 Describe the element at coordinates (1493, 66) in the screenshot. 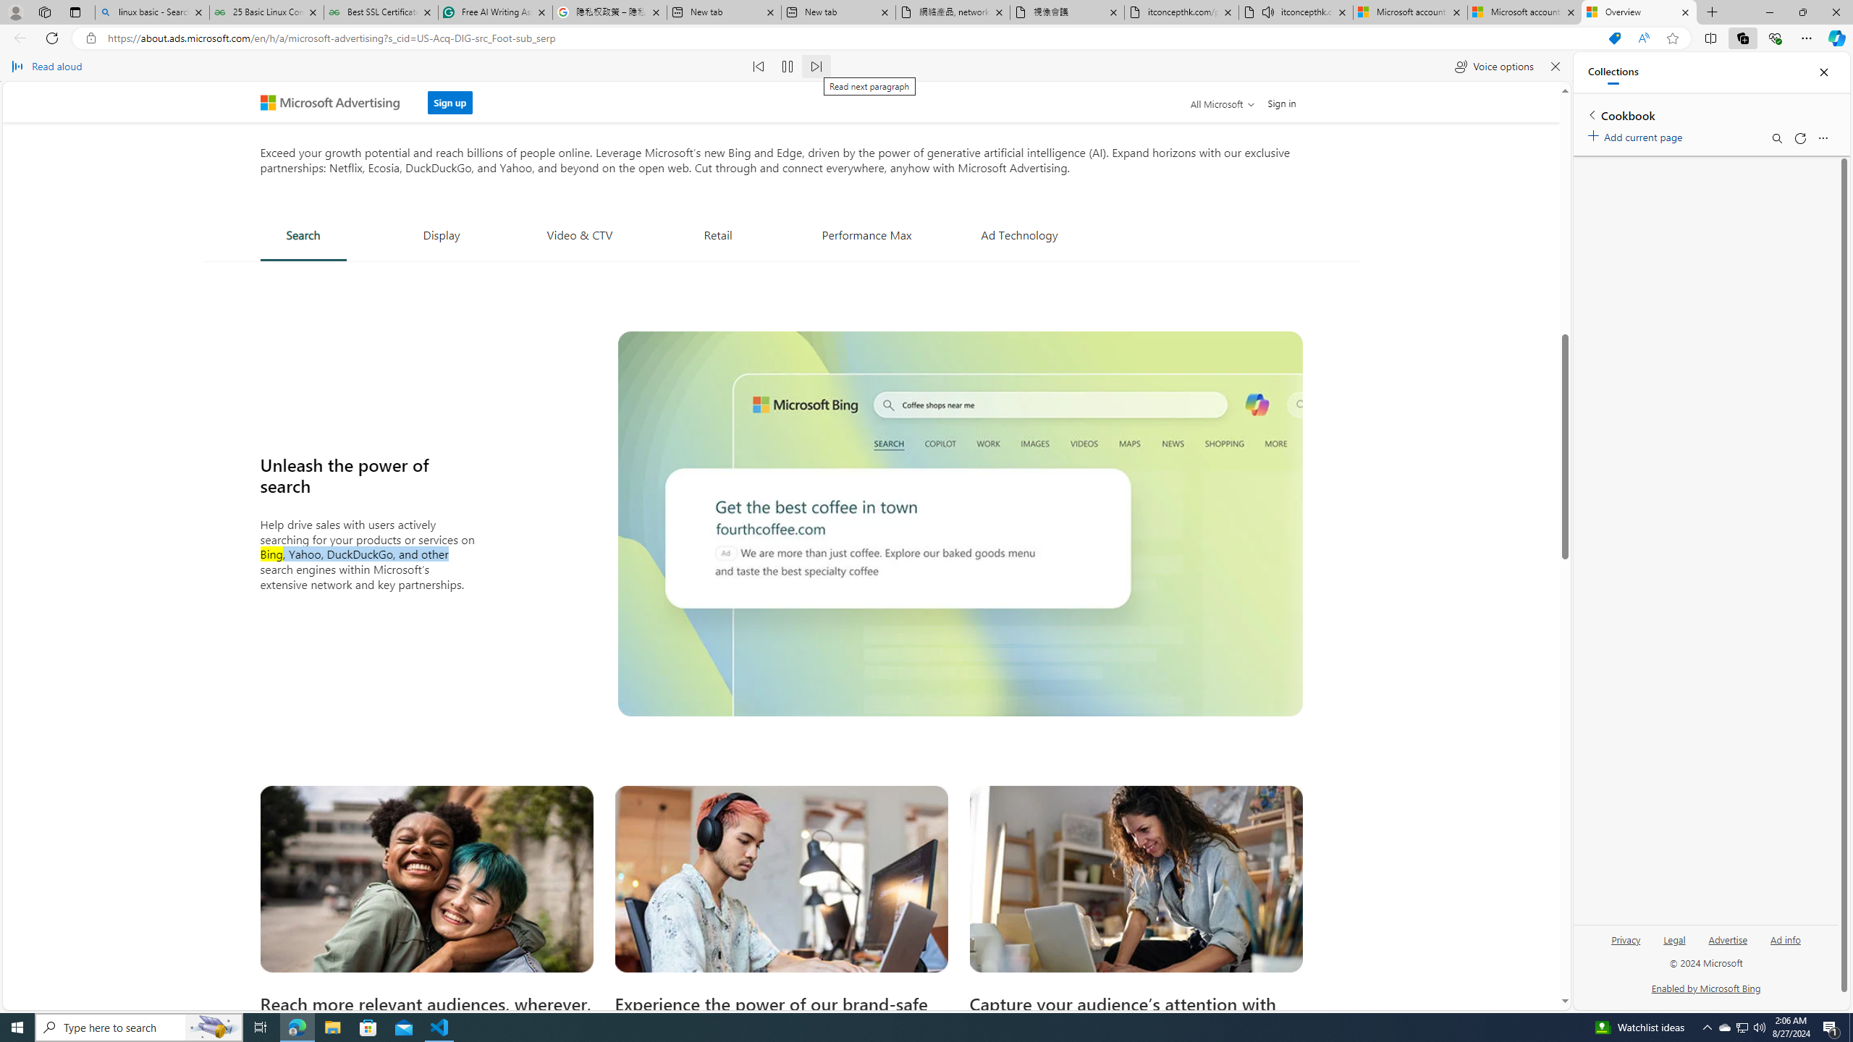

I see `'Voice options'` at that location.